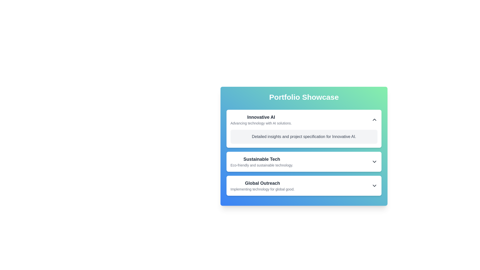  Describe the element at coordinates (303, 128) in the screenshot. I see `the first Information card in the Portfolio Showcase section` at that location.